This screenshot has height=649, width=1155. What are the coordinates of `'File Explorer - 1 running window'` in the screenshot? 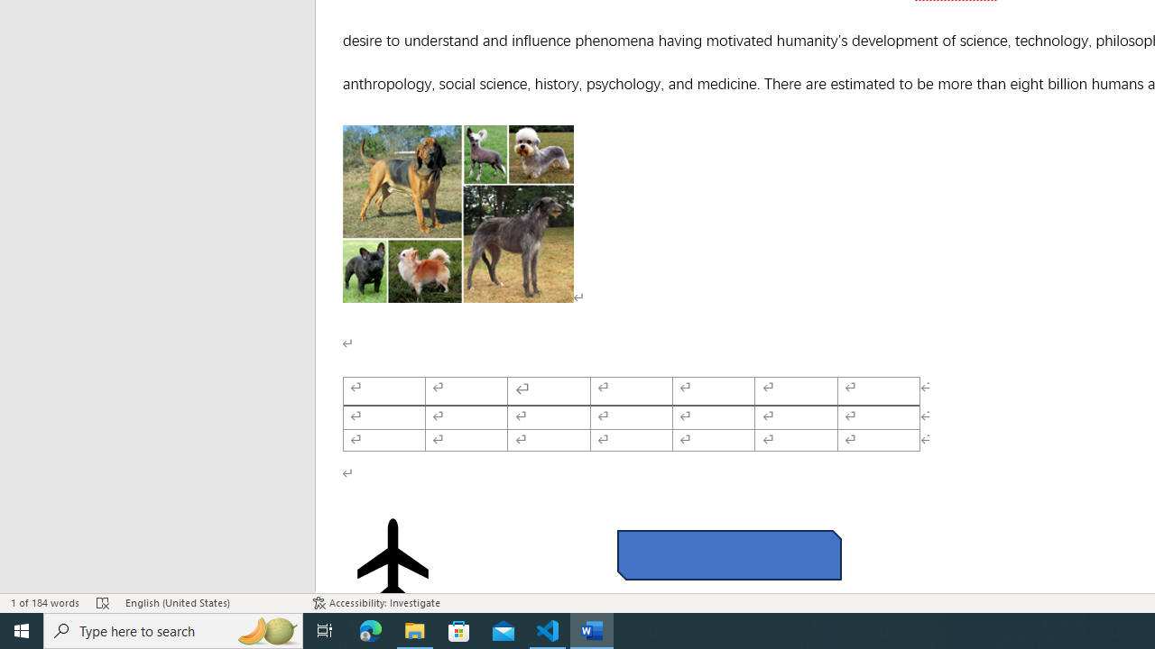 It's located at (414, 629).